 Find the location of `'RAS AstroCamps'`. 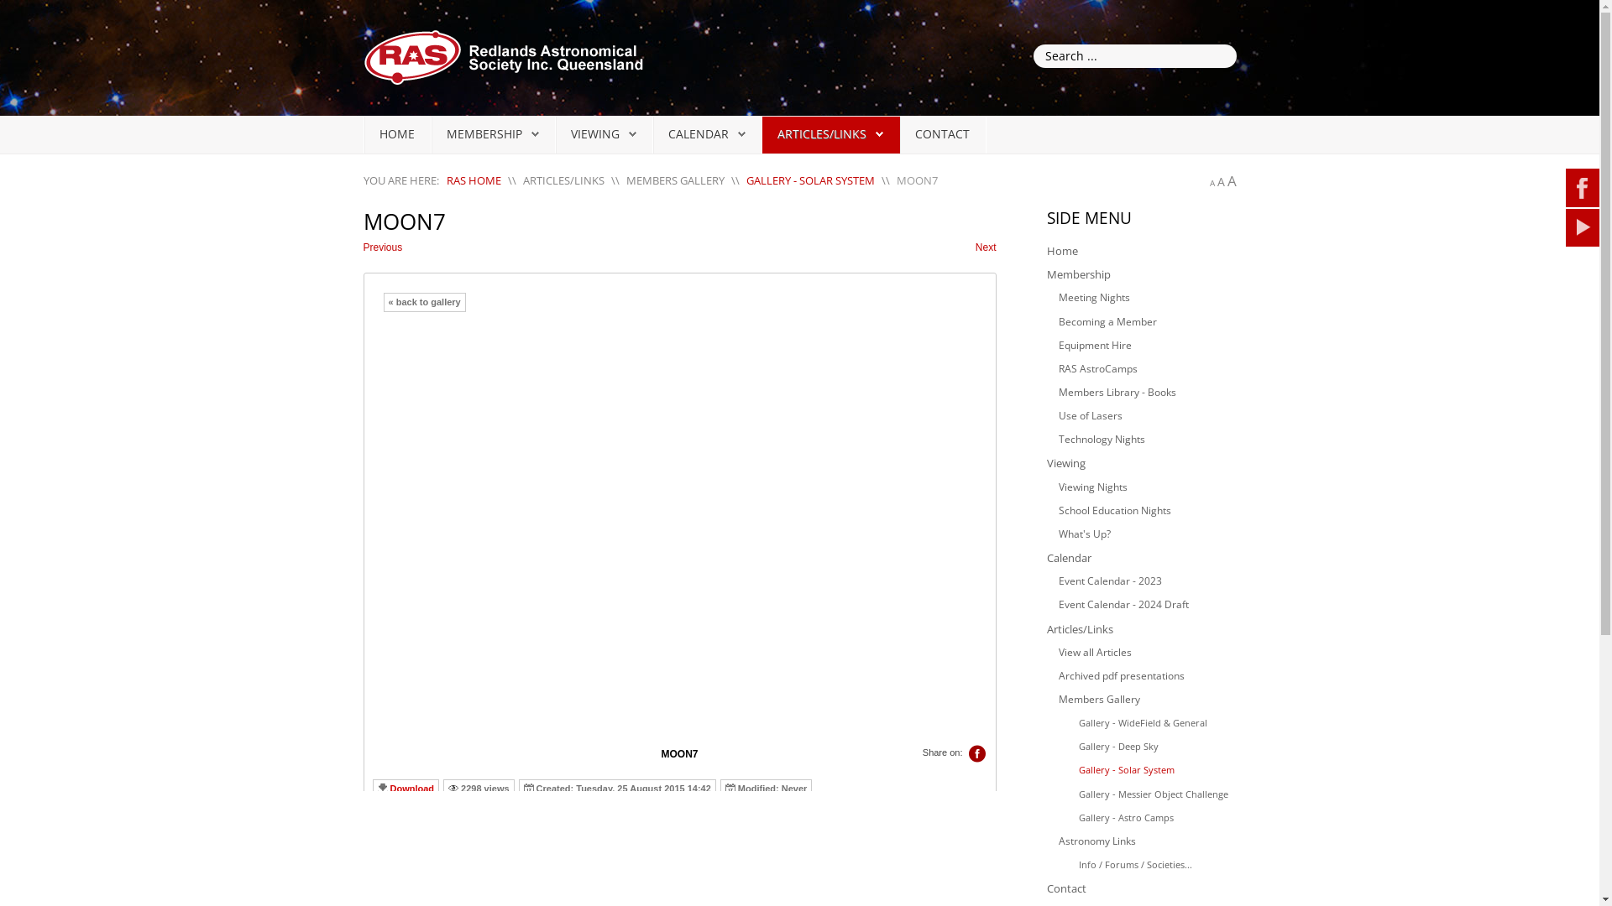

'RAS AstroCamps' is located at coordinates (1146, 367).